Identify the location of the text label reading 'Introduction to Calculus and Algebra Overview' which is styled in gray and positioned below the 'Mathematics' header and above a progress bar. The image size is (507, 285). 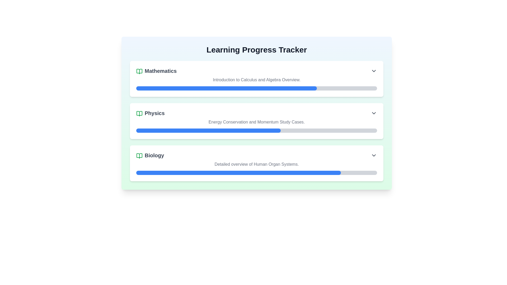
(256, 80).